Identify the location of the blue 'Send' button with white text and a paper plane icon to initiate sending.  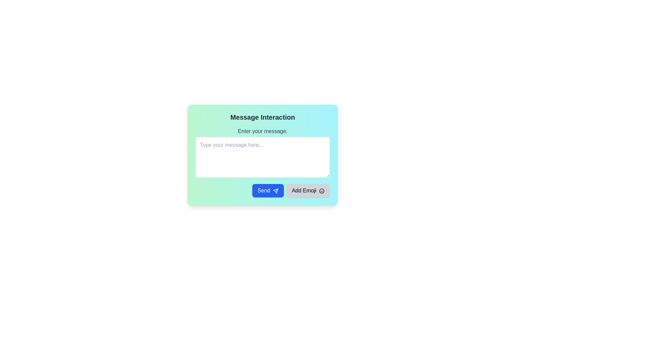
(267, 191).